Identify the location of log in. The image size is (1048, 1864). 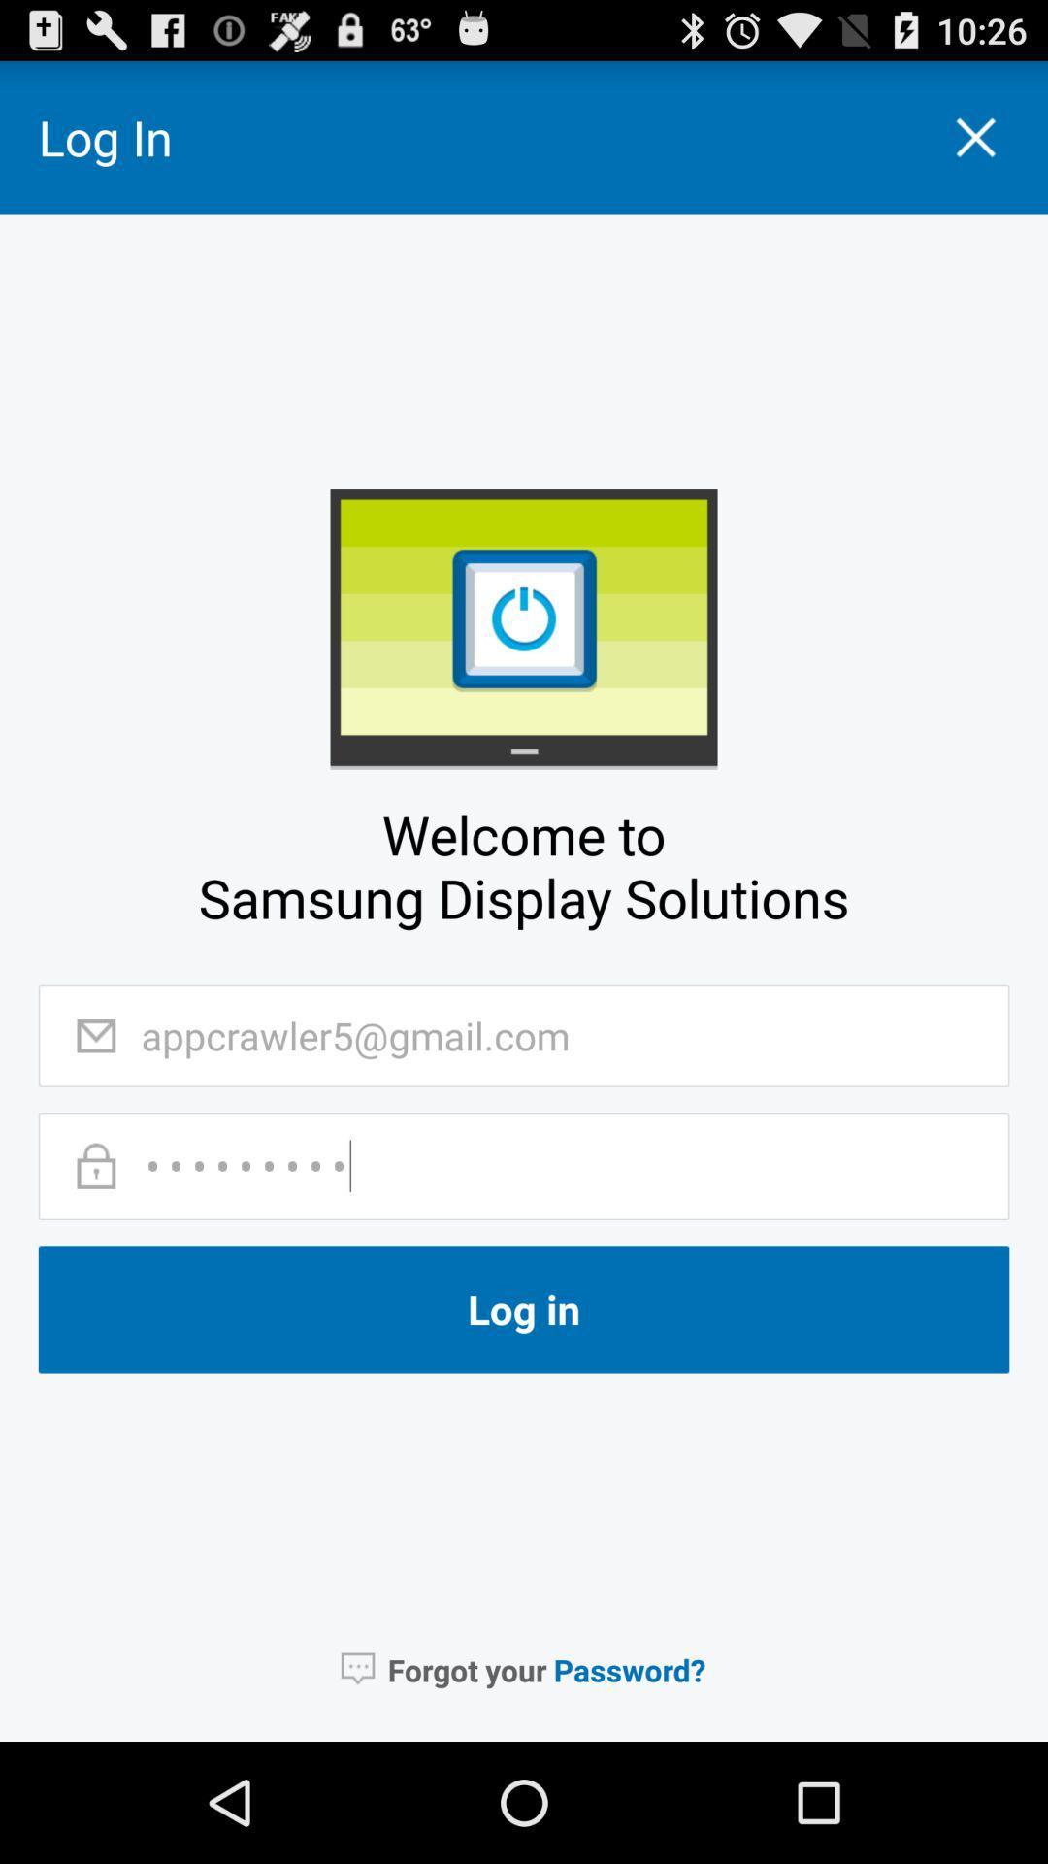
(524, 1309).